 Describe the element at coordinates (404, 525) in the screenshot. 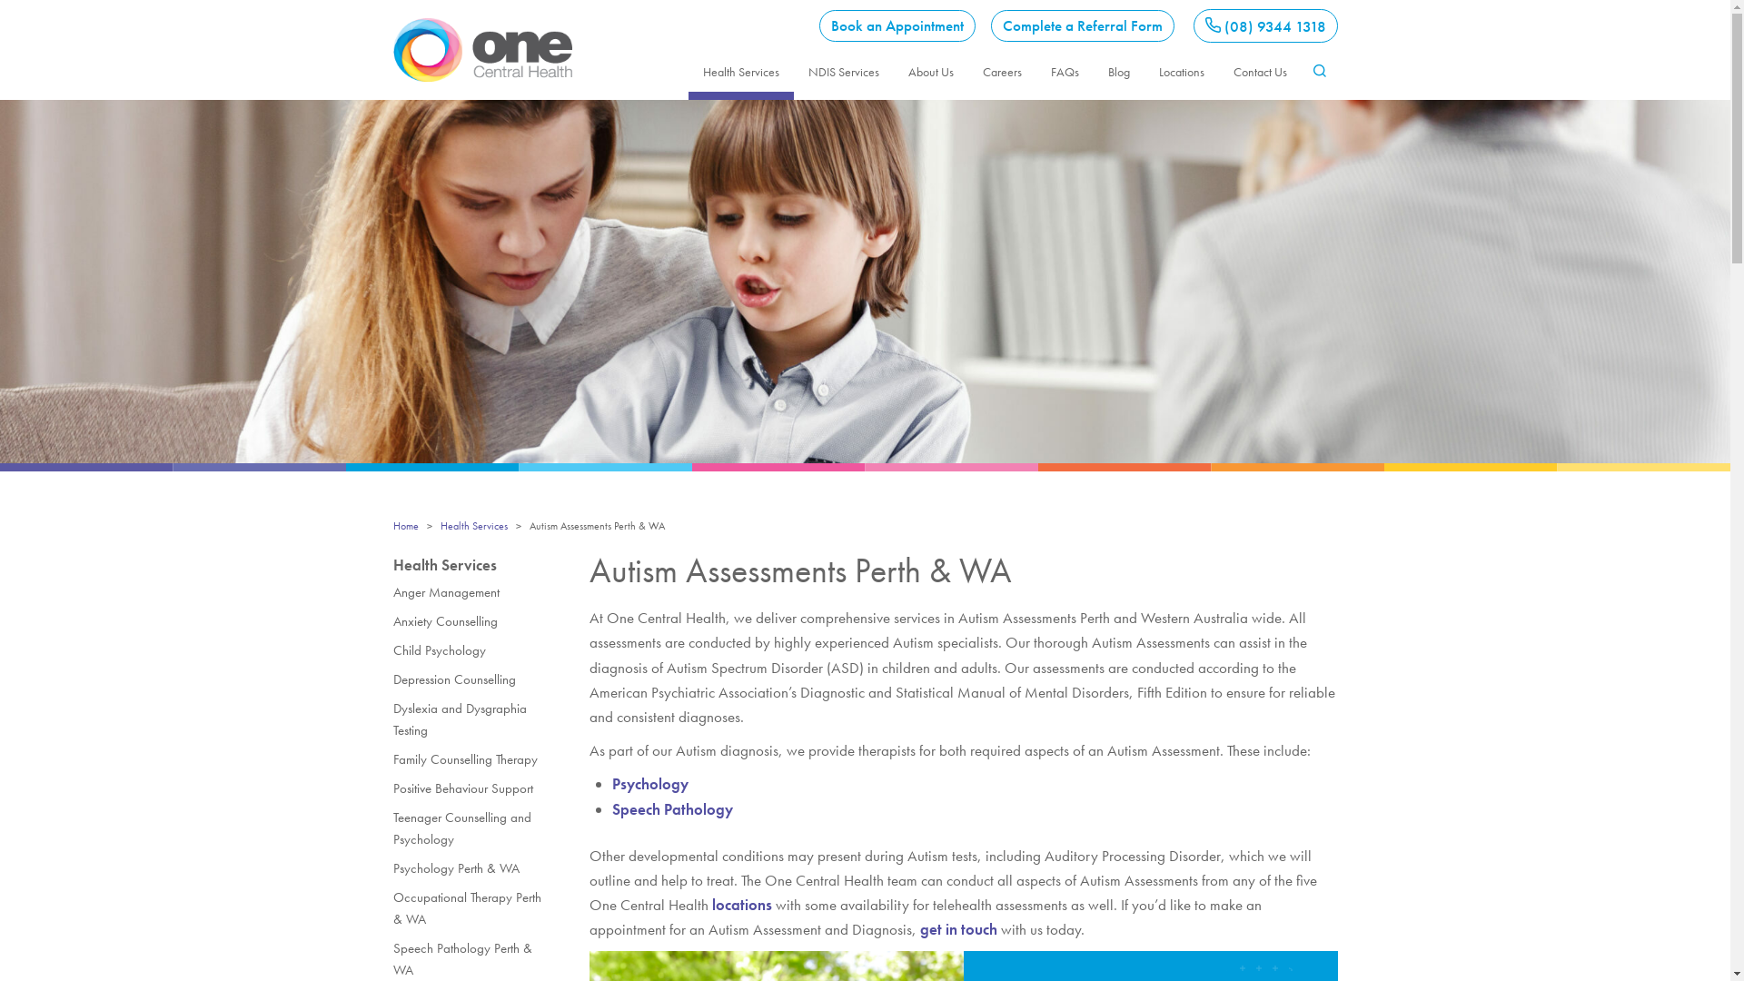

I see `'Home'` at that location.